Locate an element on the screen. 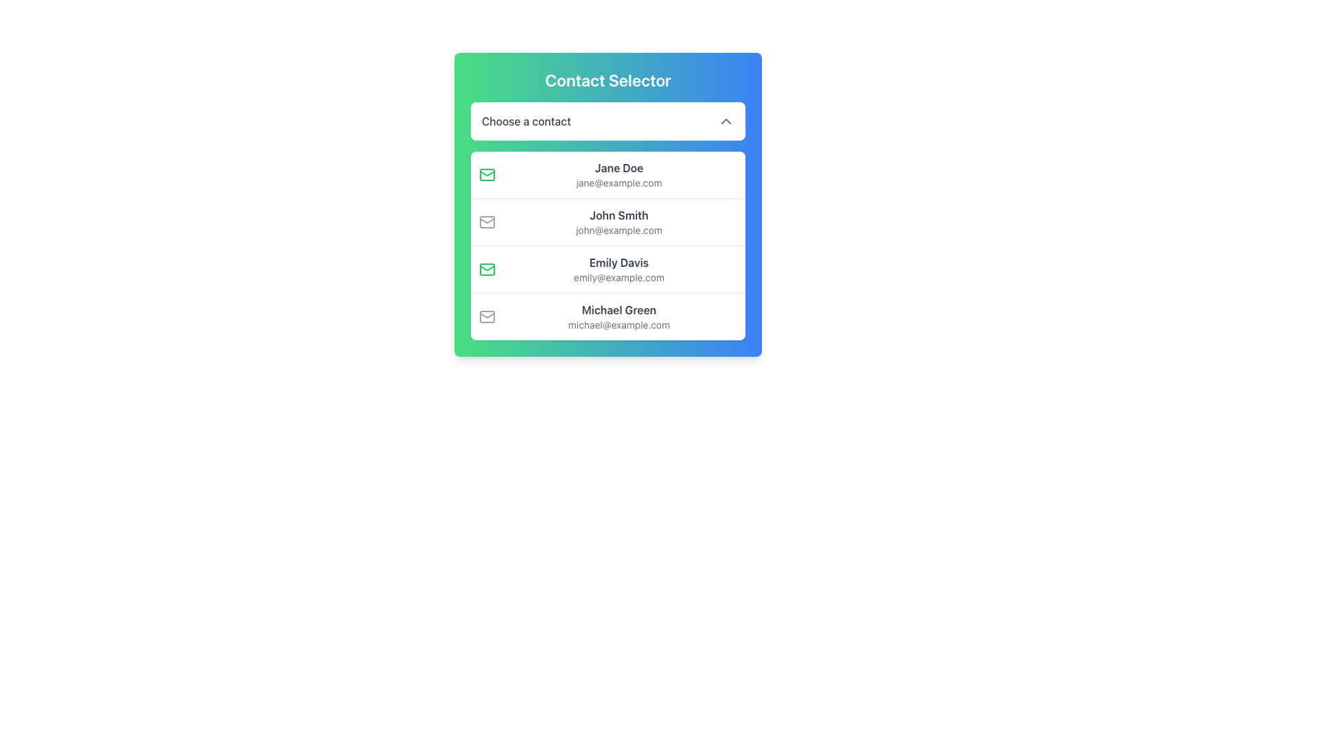  the visual indicator of the envelope icon associated with 'John Smith' in the Contact Selector interface is located at coordinates (487, 222).